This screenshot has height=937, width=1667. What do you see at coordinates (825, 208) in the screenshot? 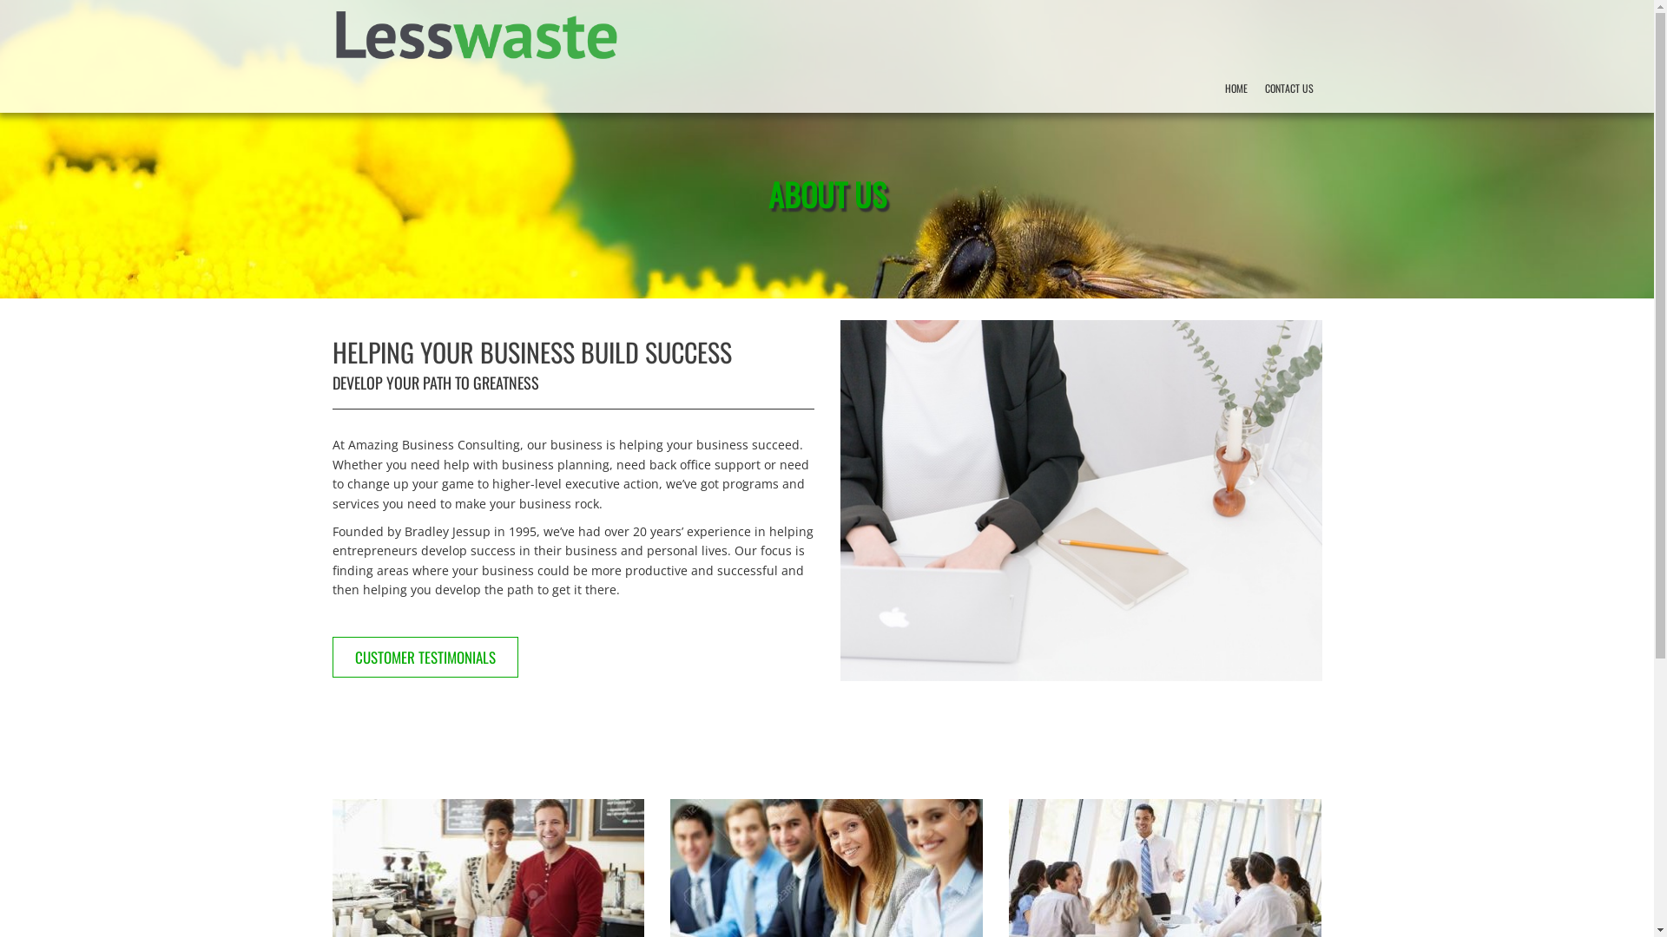
I see `'ABOUT US'` at bounding box center [825, 208].